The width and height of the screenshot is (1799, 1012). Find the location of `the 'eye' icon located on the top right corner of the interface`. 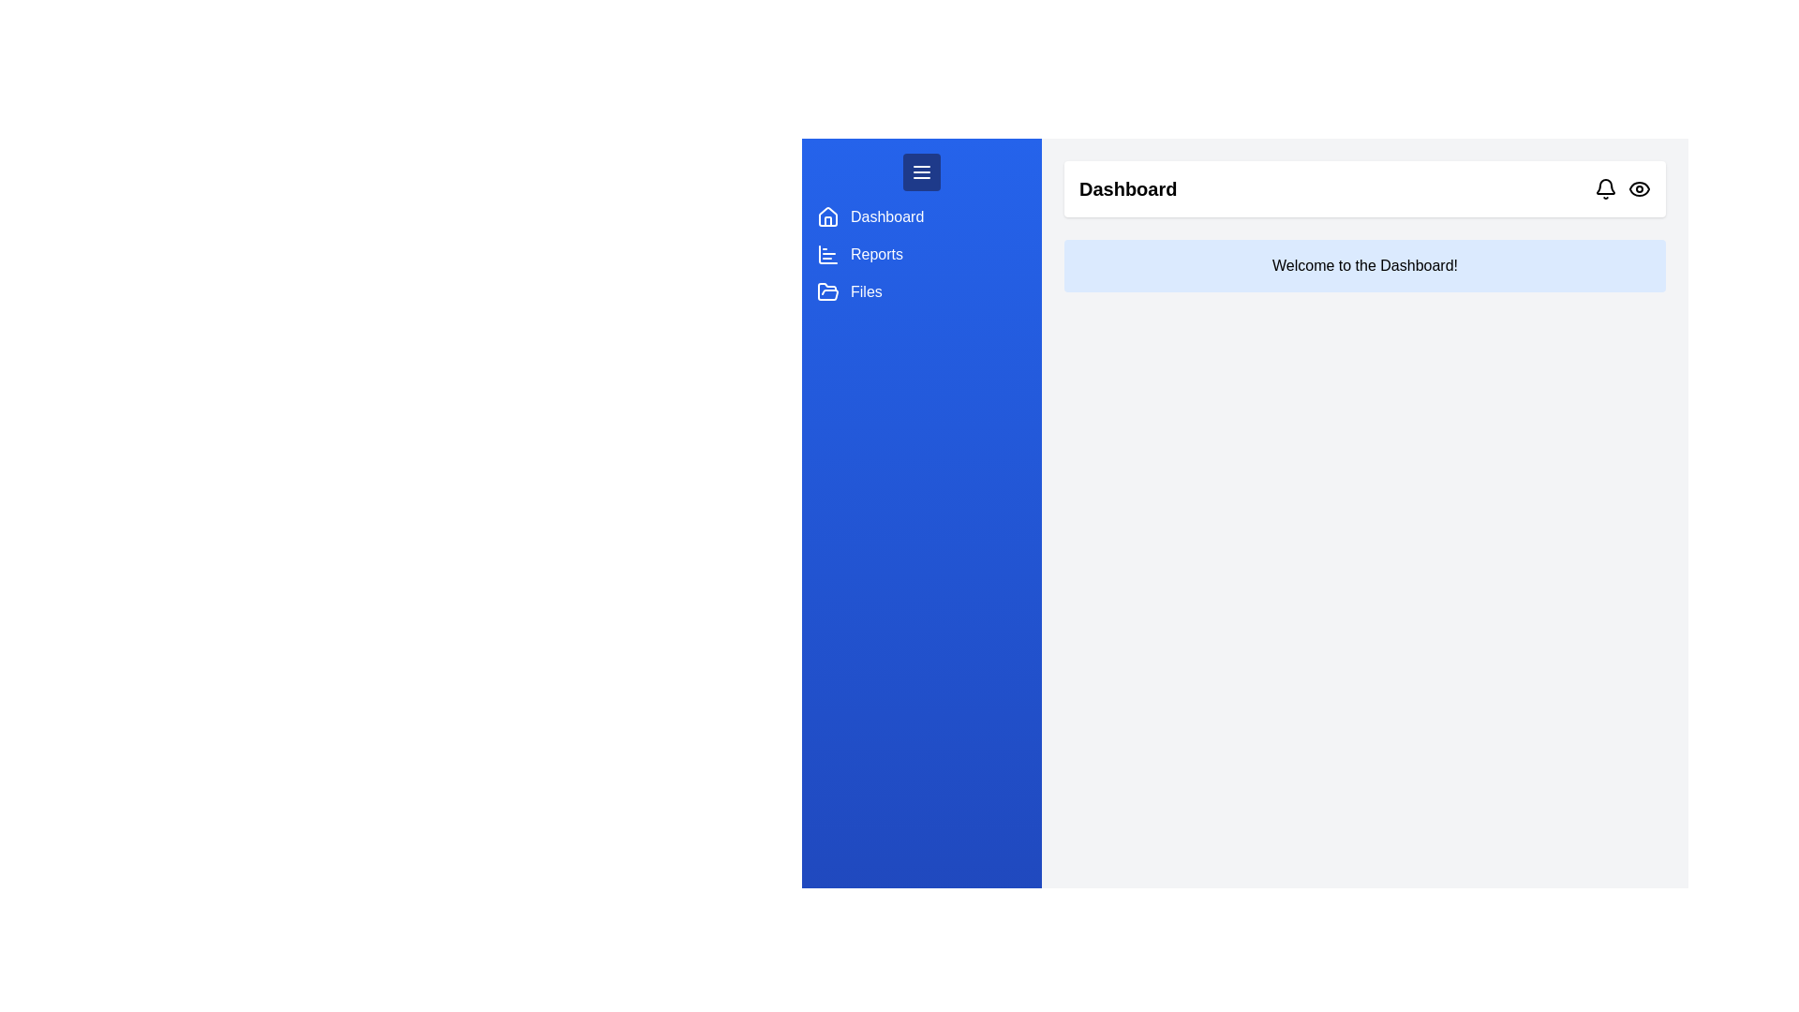

the 'eye' icon located on the top right corner of the interface is located at coordinates (1639, 188).